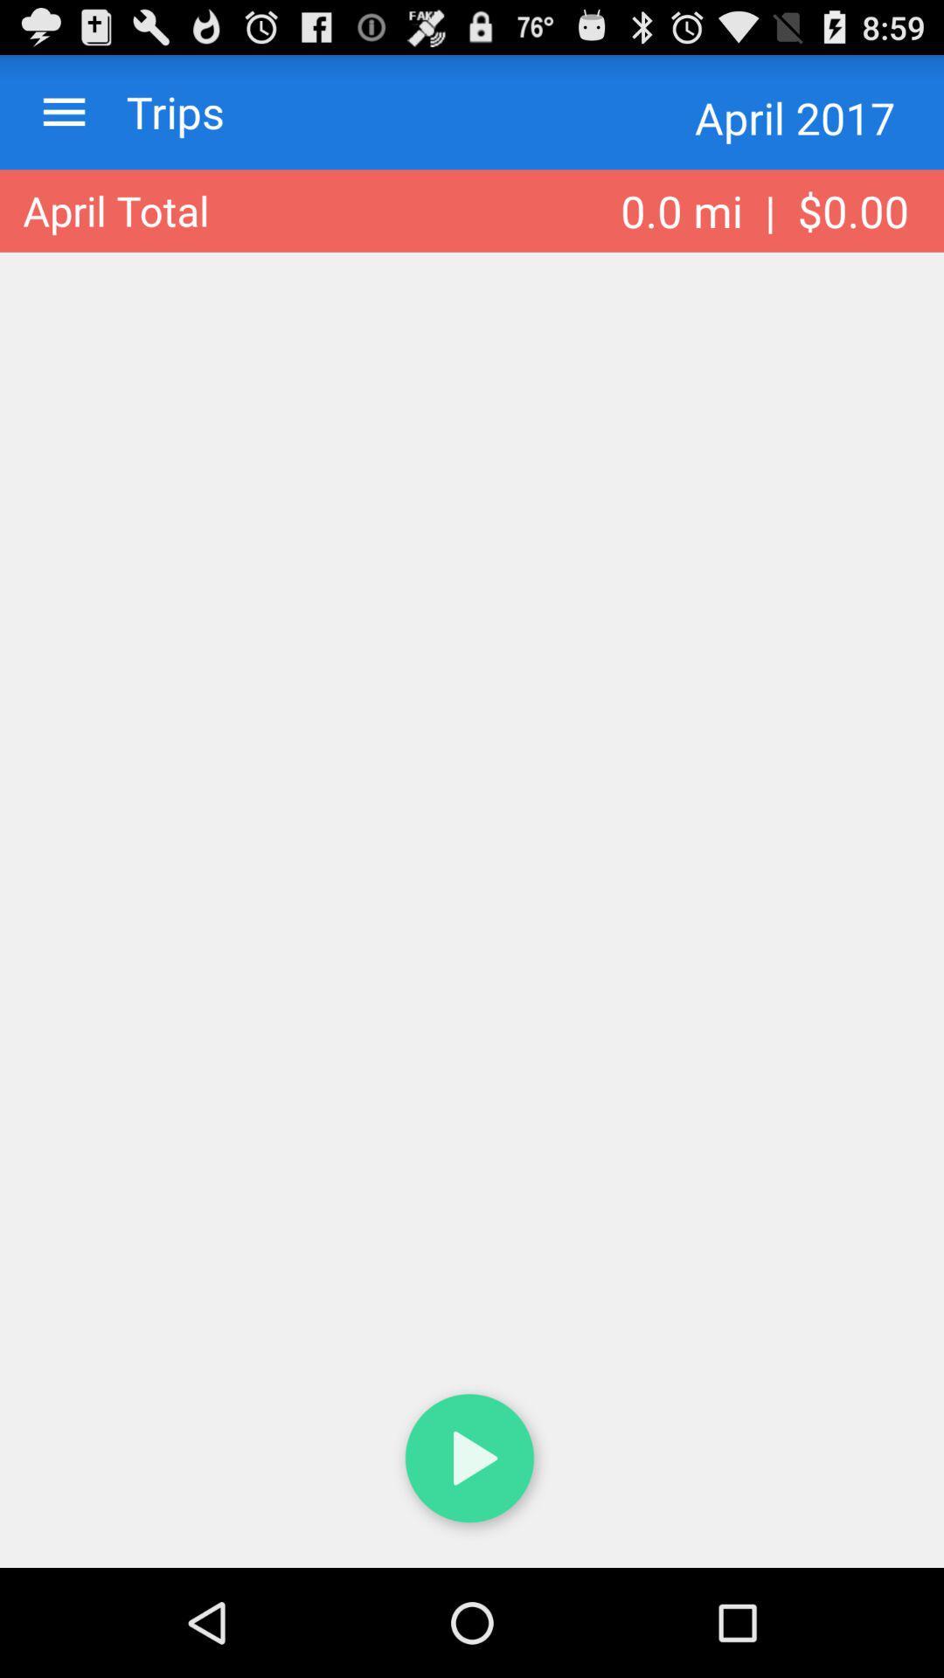 Image resolution: width=944 pixels, height=1678 pixels. Describe the element at coordinates (63, 111) in the screenshot. I see `the item above the april total item` at that location.